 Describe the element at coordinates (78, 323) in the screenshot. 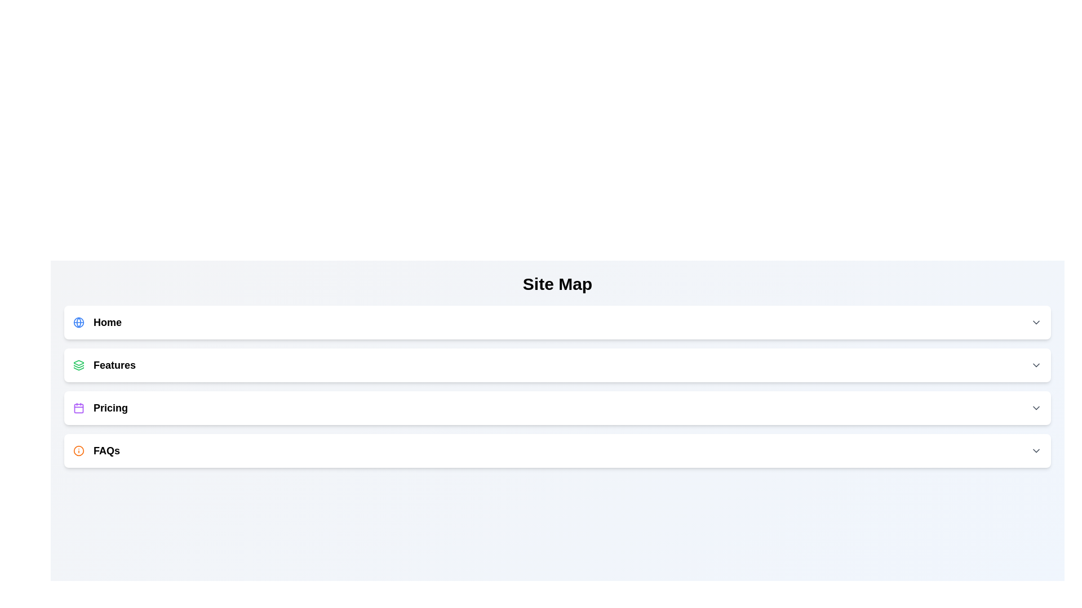

I see `the 'Home' icon which is located to the left of the text 'Home' in the first menu item of the vertically stacked navigation list` at that location.